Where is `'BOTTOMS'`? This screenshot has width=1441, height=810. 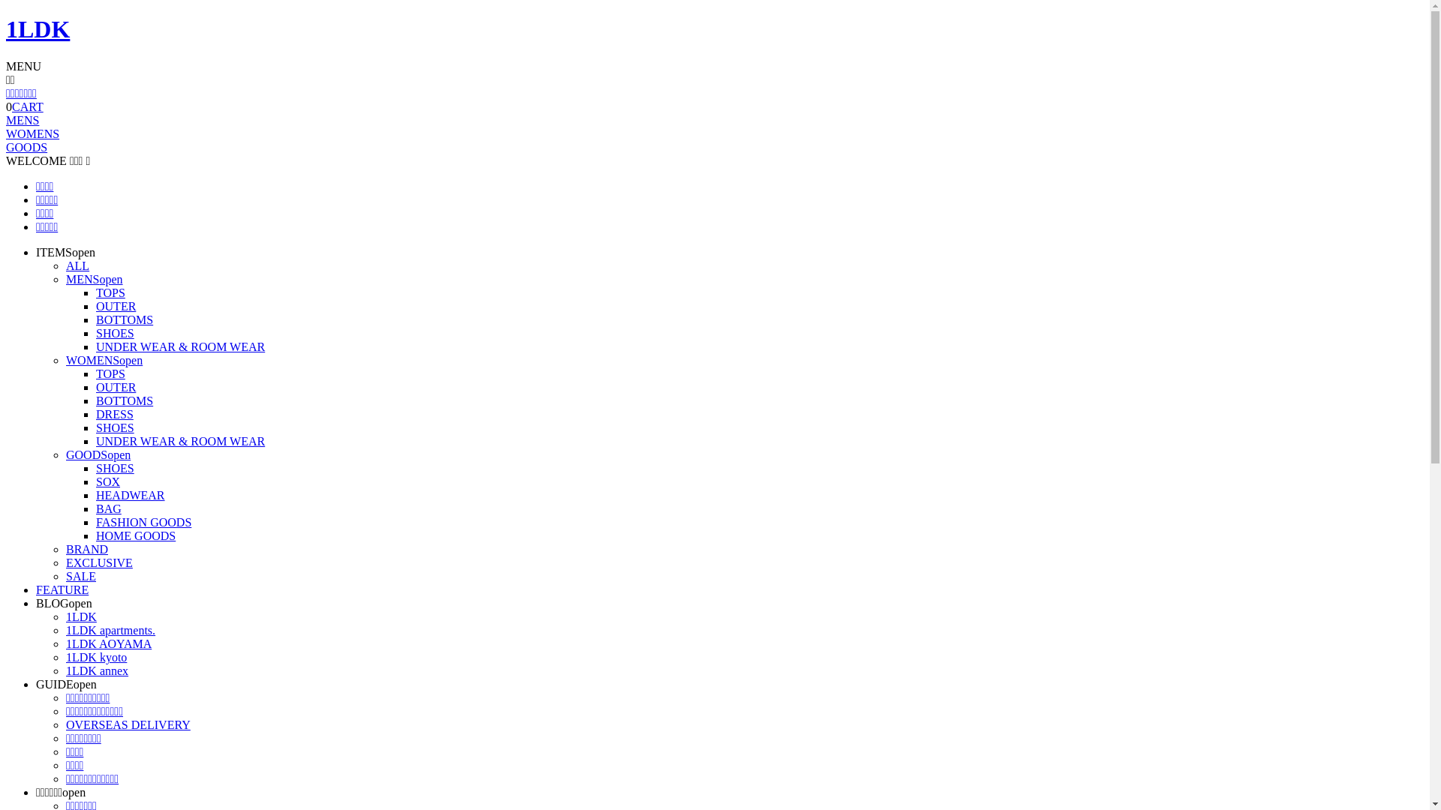
'BOTTOMS' is located at coordinates (125, 319).